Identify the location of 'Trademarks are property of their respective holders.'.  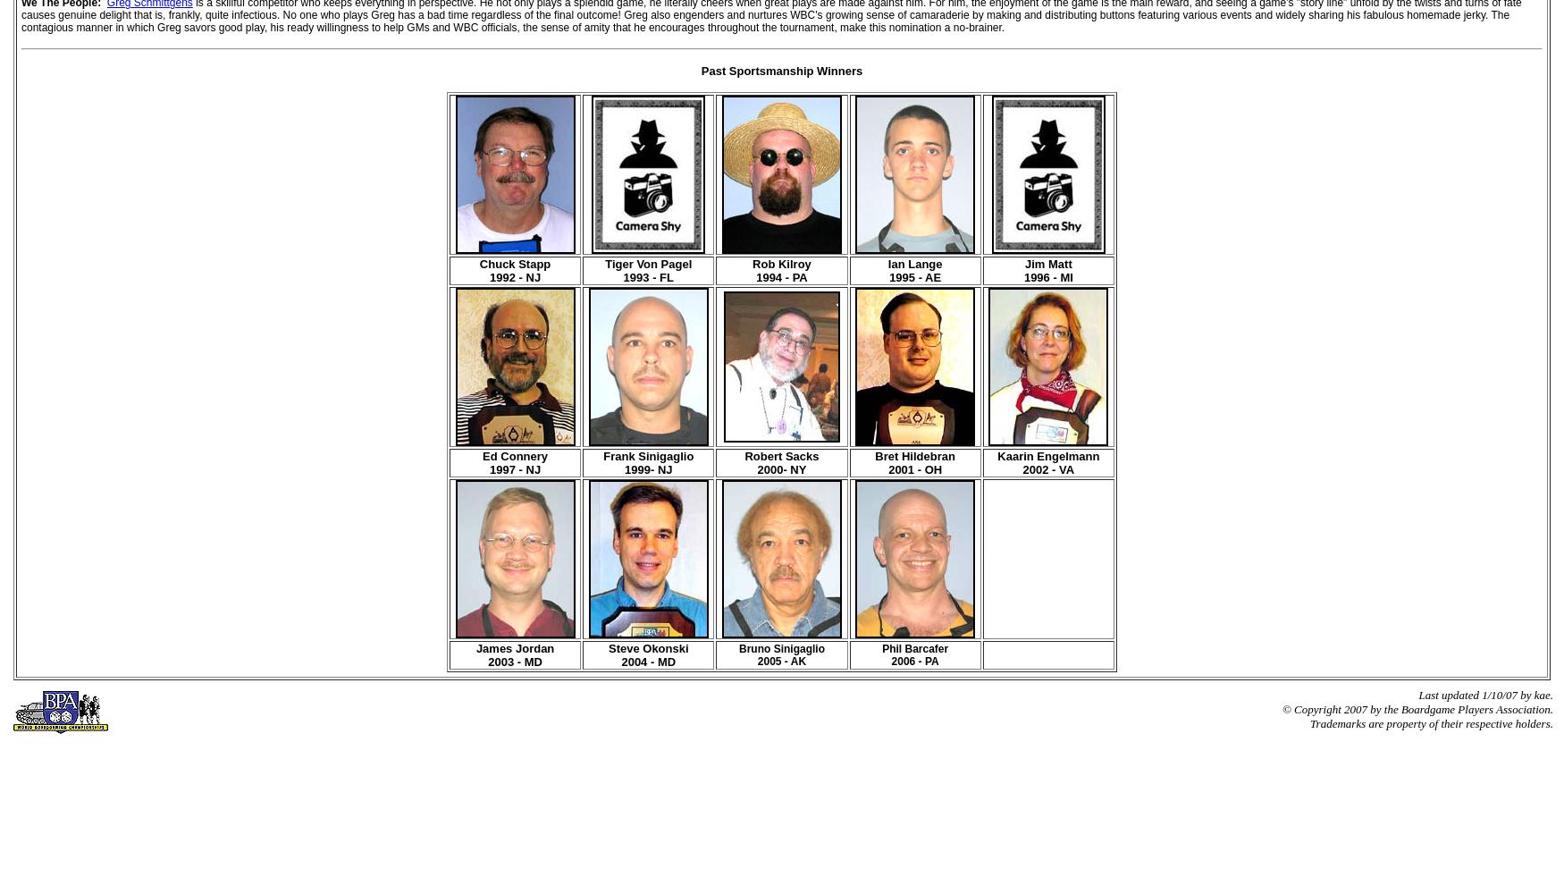
(1309, 723).